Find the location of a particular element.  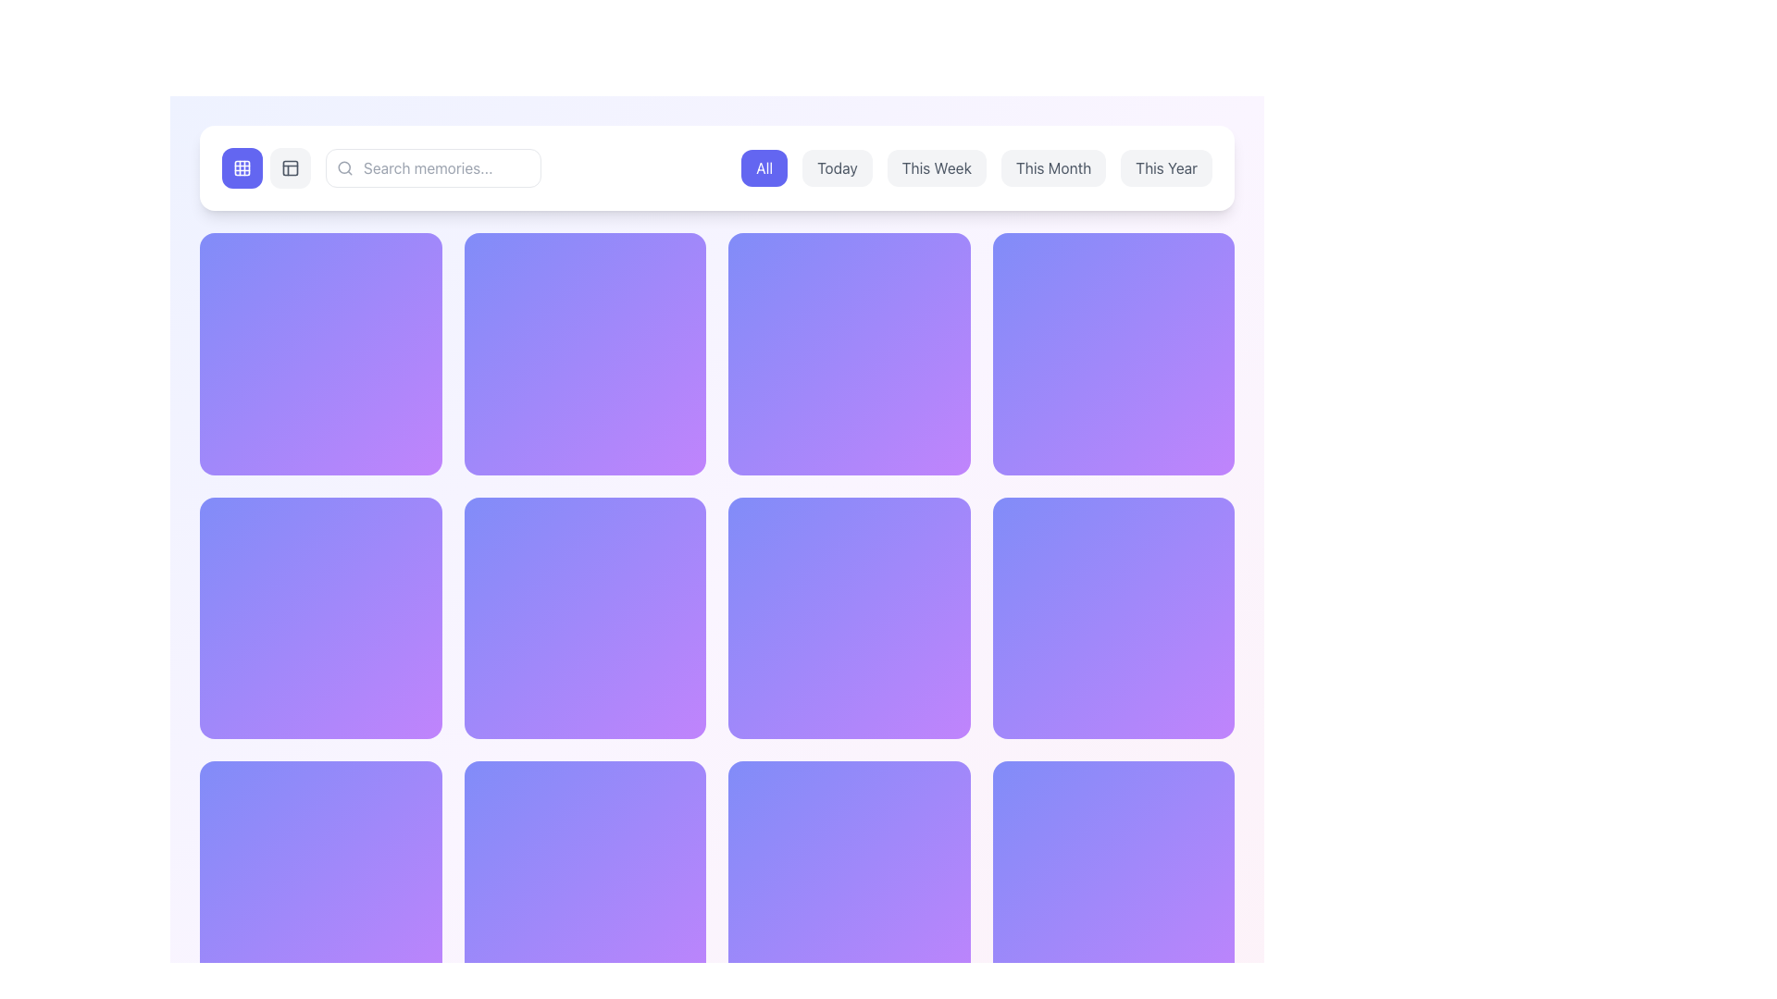

the circular 'Share' button located at the bottom-middle of the card is located at coordinates (371, 791).